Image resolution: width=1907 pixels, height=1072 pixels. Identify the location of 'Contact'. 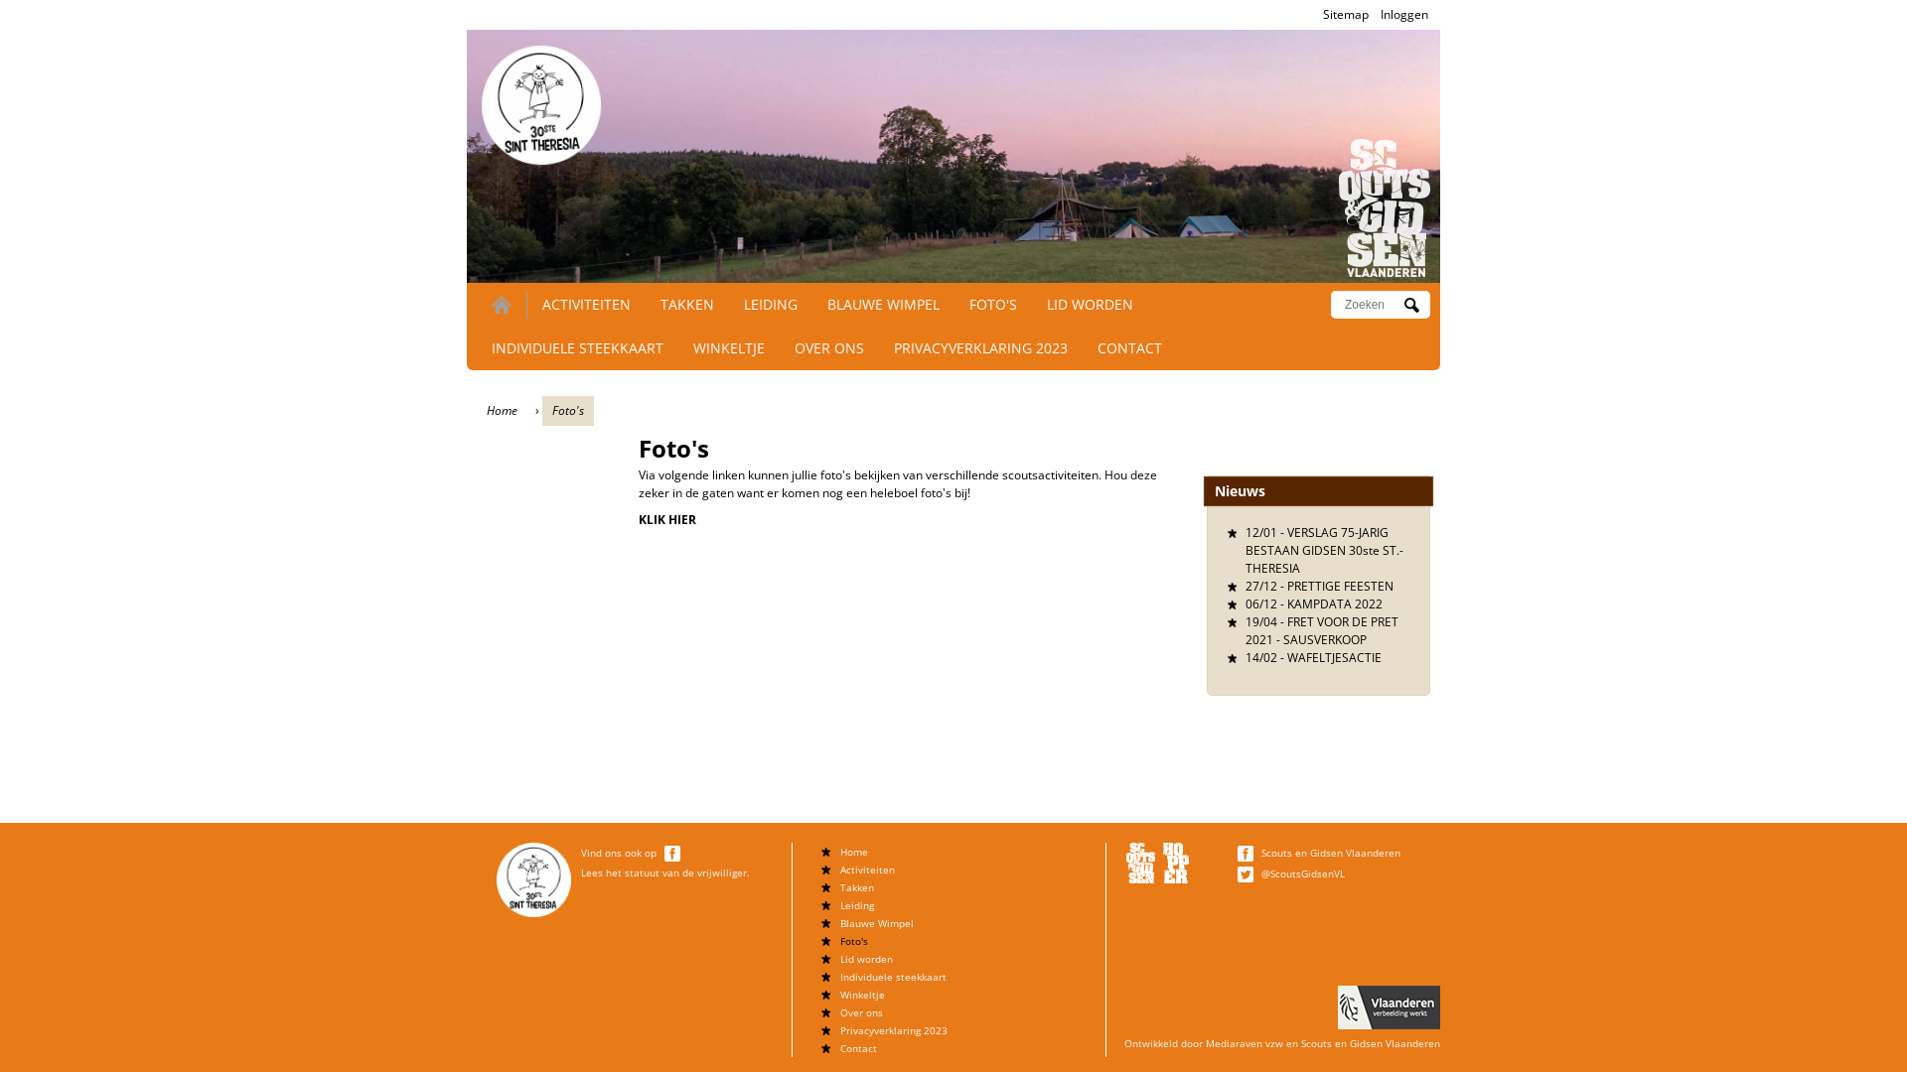
(858, 1047).